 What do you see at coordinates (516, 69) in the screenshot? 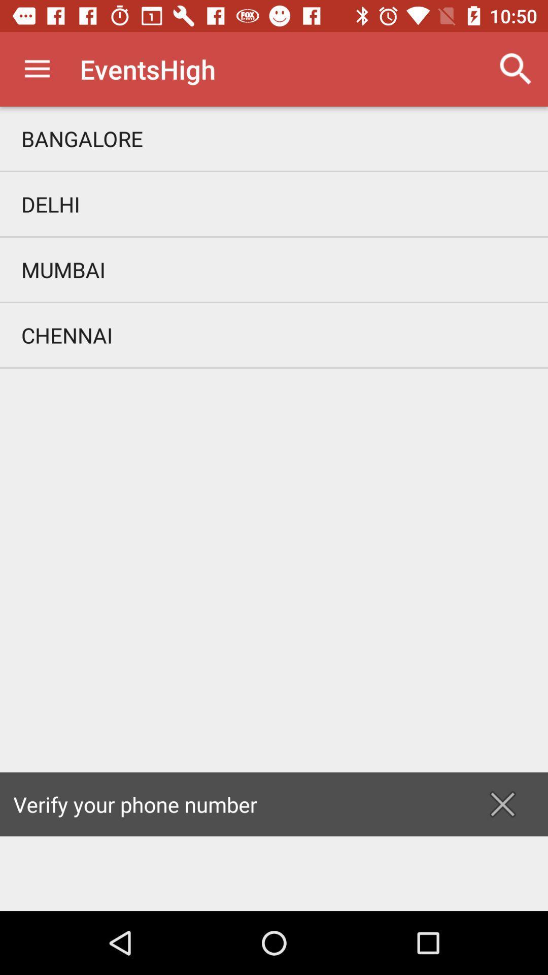
I see `item above the bangalore` at bounding box center [516, 69].